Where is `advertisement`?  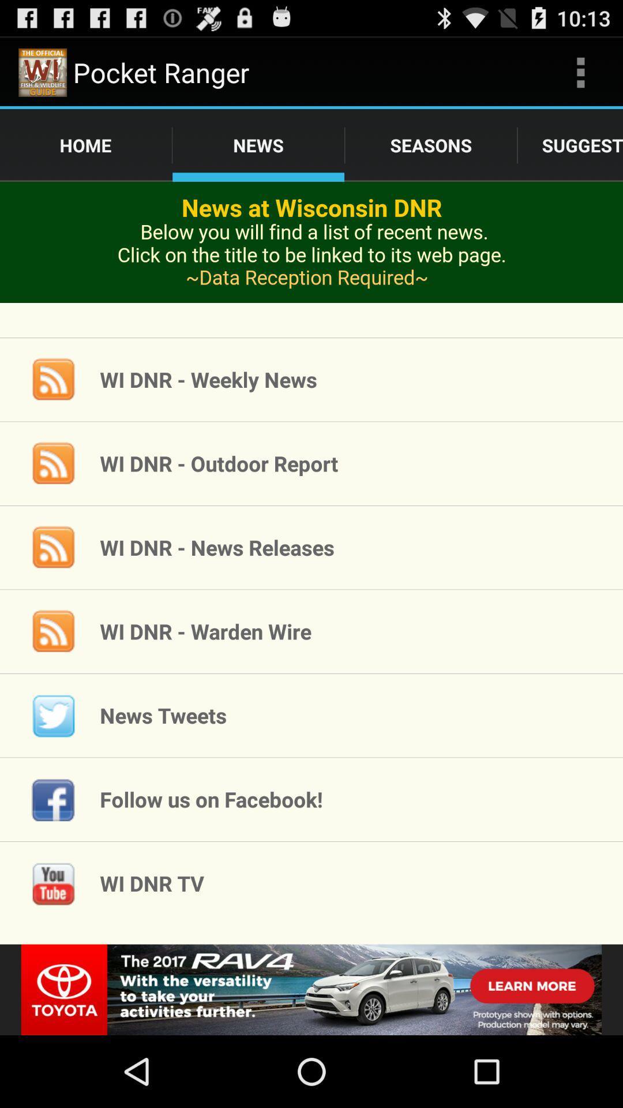 advertisement is located at coordinates (311, 259).